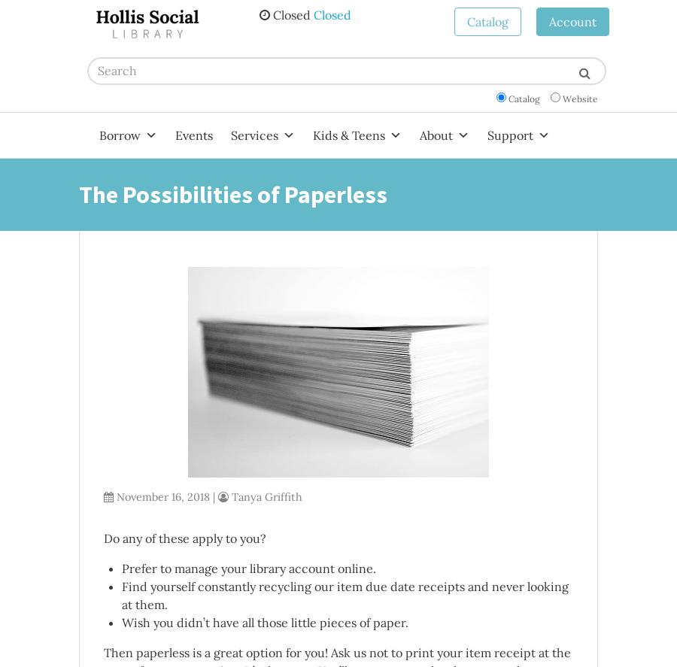  Describe the element at coordinates (248, 567) in the screenshot. I see `'Prefer to manage your library account online.'` at that location.